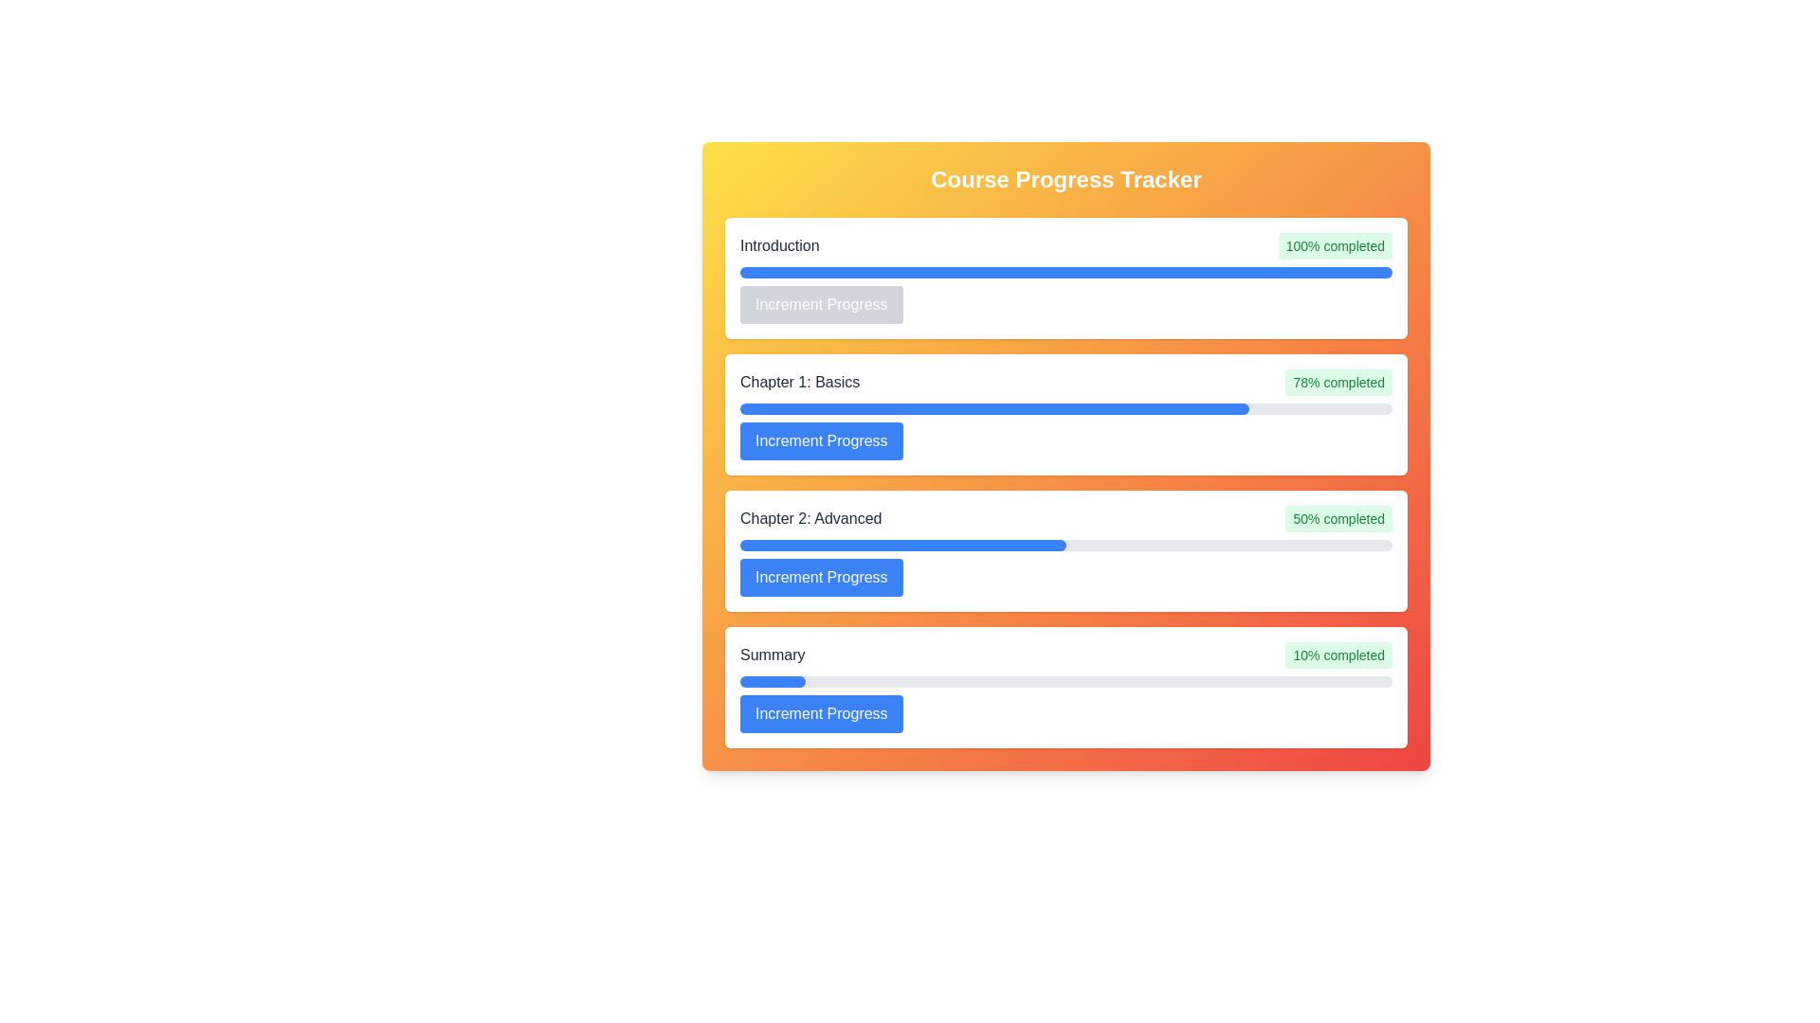  Describe the element at coordinates (810, 518) in the screenshot. I see `and interpret the text content of the text label that serves as the title for the associated course chapter, positioned above the progress bar in the third section of the progress tracker` at that location.